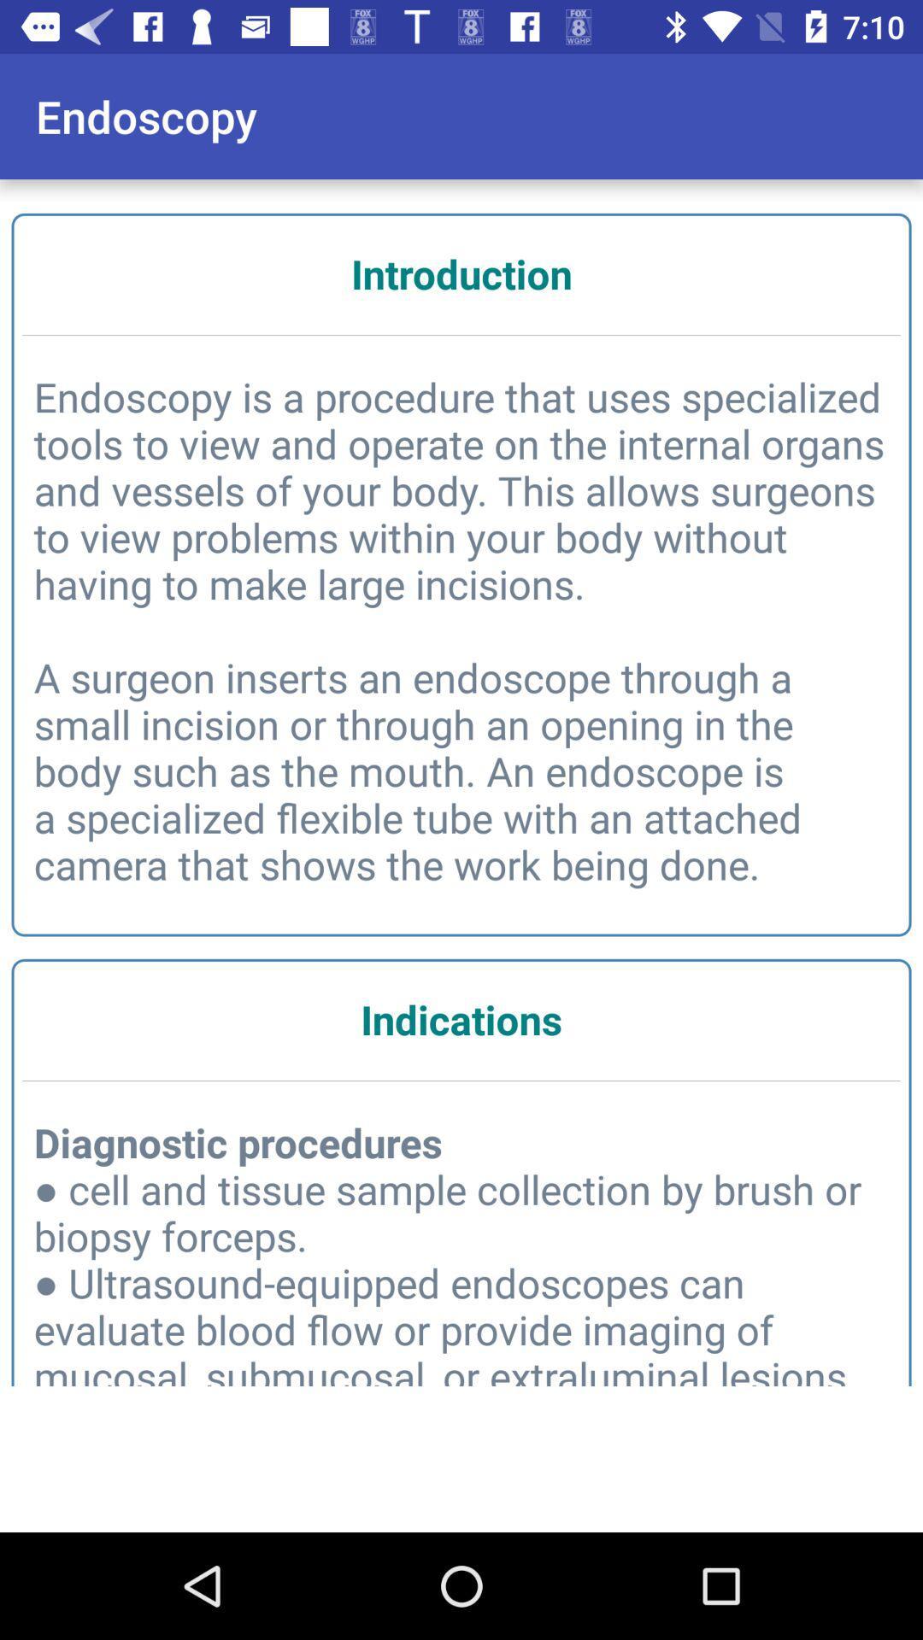 The image size is (923, 1640). I want to click on the item below diagnostic procedures cell icon, so click(461, 1475).